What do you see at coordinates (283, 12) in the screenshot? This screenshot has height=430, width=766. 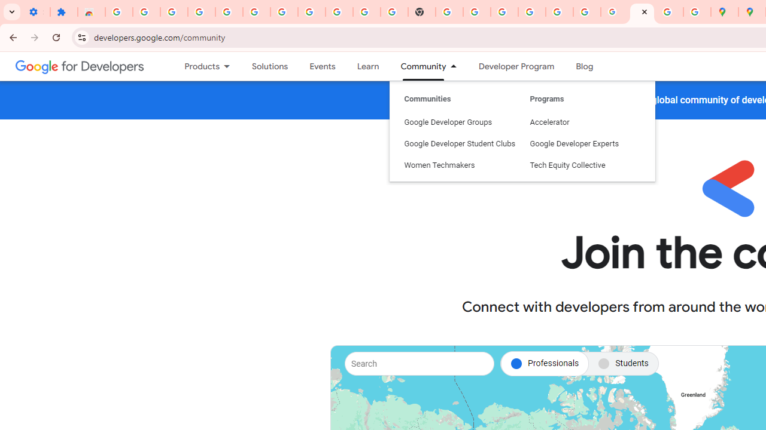 I see `'Sign in - Google Accounts'` at bounding box center [283, 12].